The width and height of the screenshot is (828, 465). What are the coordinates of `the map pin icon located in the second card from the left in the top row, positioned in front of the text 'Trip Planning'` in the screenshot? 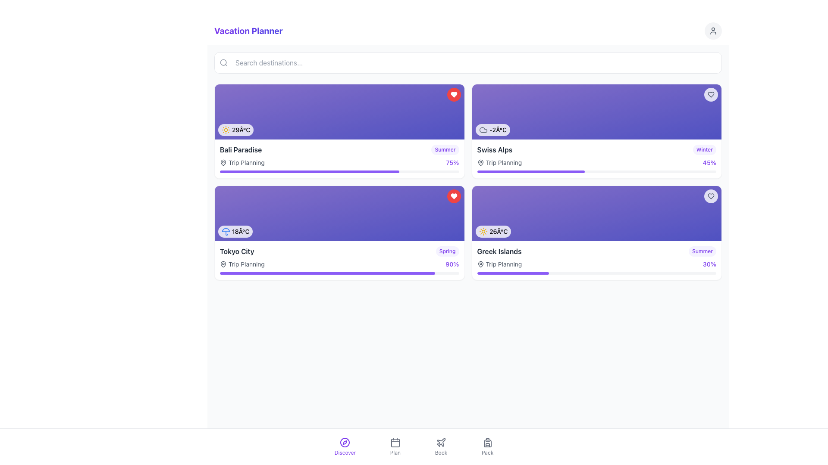 It's located at (480, 163).